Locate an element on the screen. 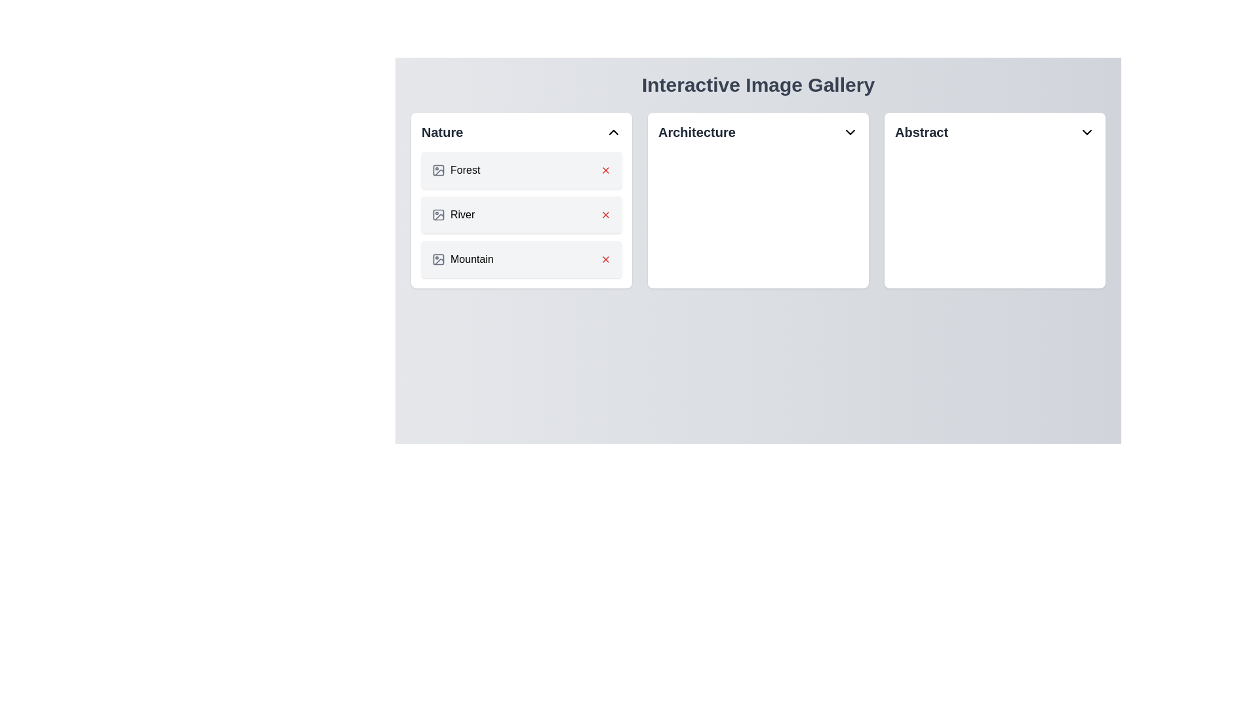 The image size is (1259, 708). the text label displaying 'Mountain', which is the third item in the 'Nature' category list, located below the 'River' item is located at coordinates (472, 260).